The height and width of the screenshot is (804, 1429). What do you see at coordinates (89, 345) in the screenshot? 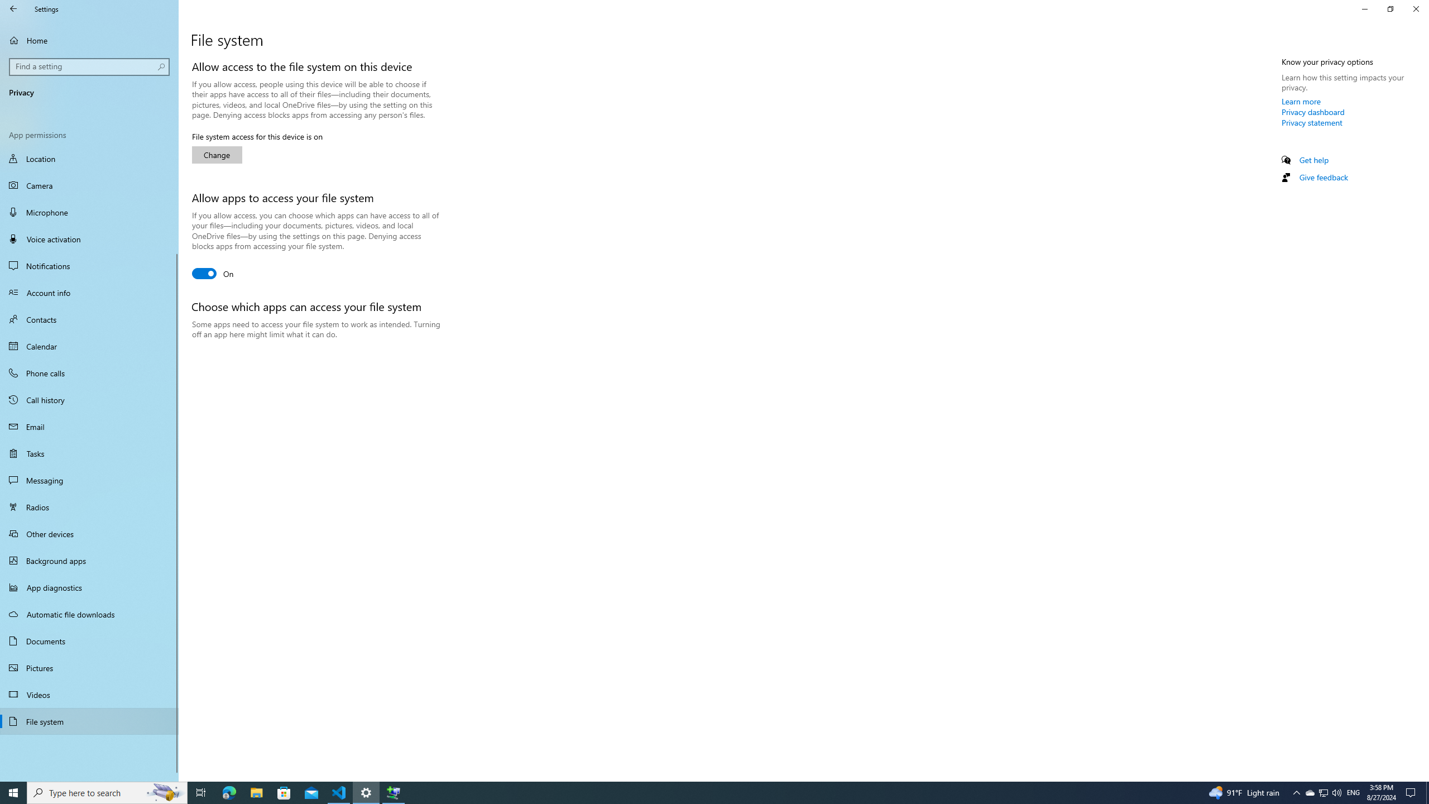
I see `'Calendar'` at bounding box center [89, 345].